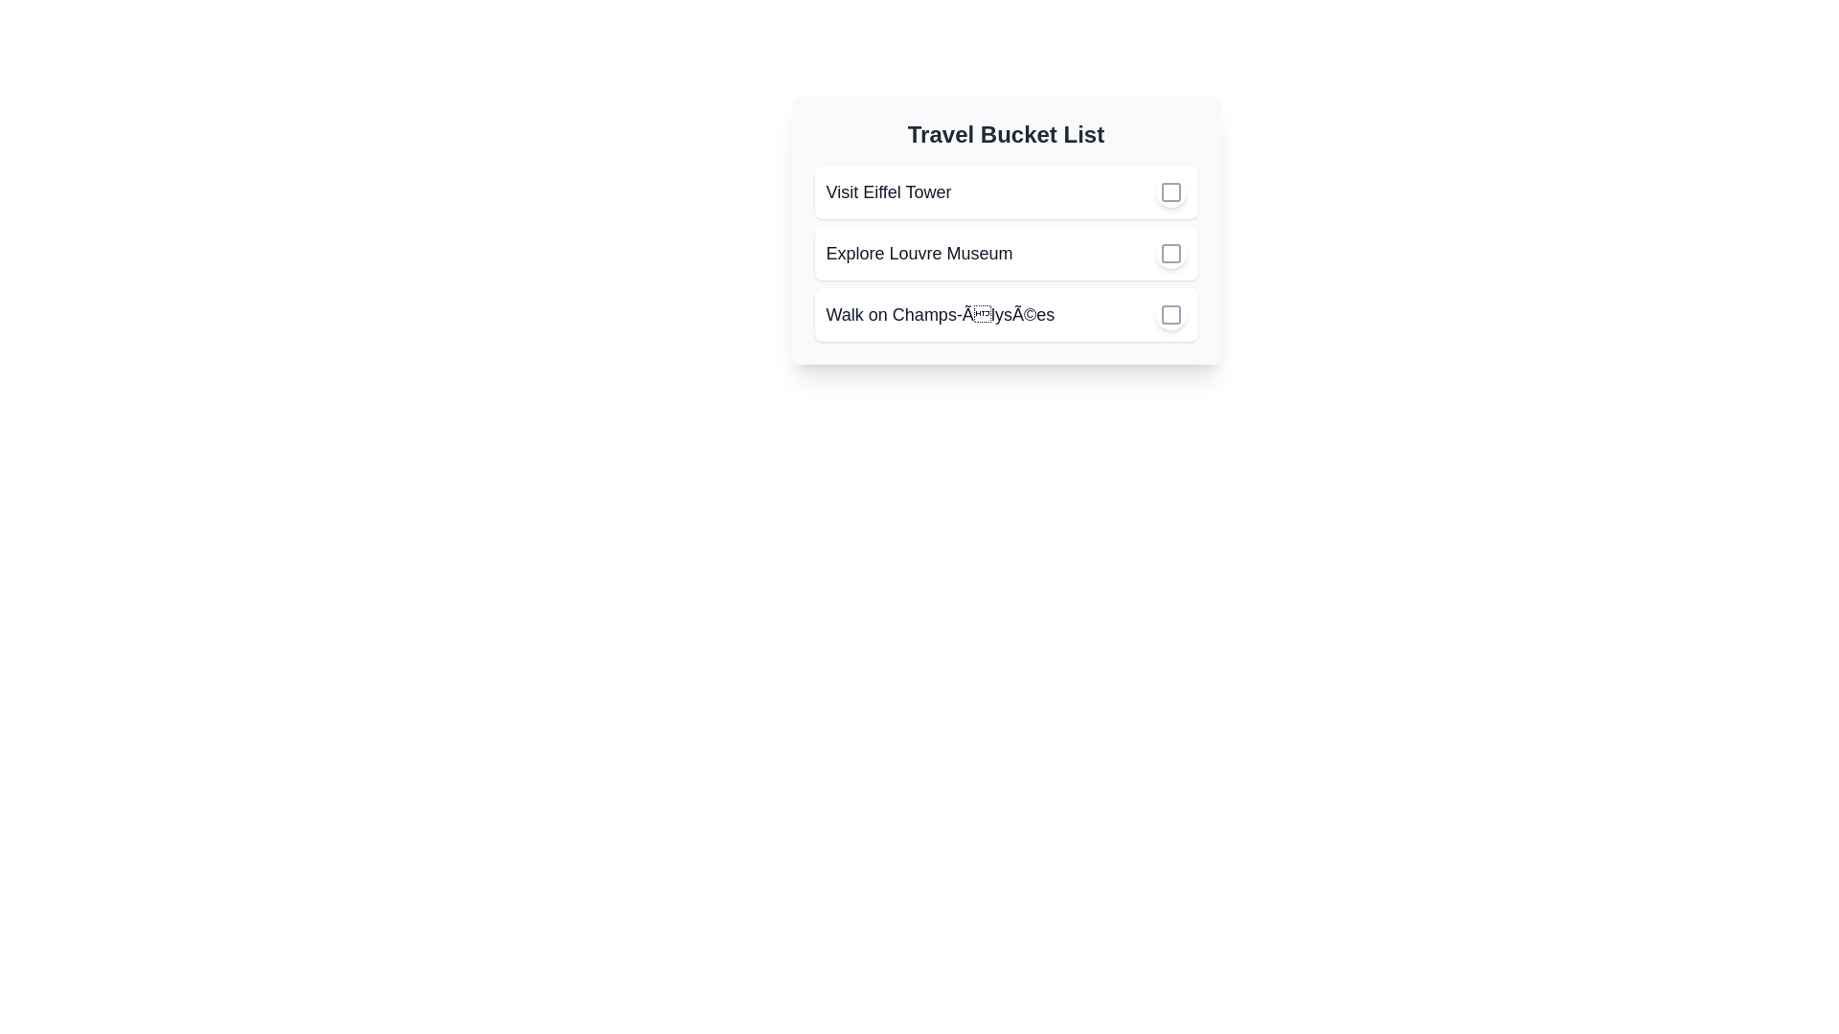 The width and height of the screenshot is (1839, 1034). I want to click on the checkbox of the task 'Walk on Champs-Élysées' to mark it as completed, so click(1169, 313).